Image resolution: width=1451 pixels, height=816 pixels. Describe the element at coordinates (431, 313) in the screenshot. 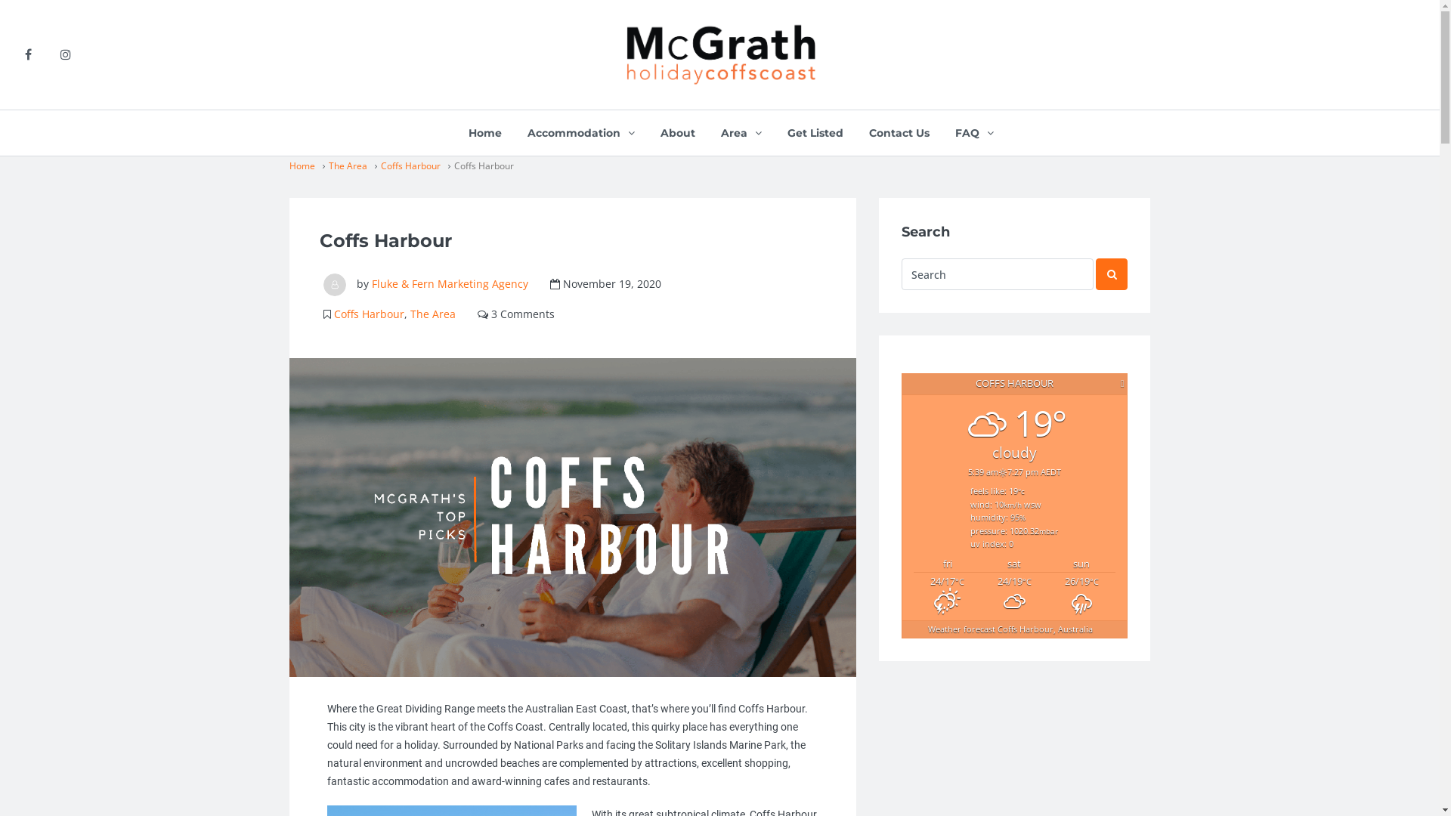

I see `'The Area'` at that location.